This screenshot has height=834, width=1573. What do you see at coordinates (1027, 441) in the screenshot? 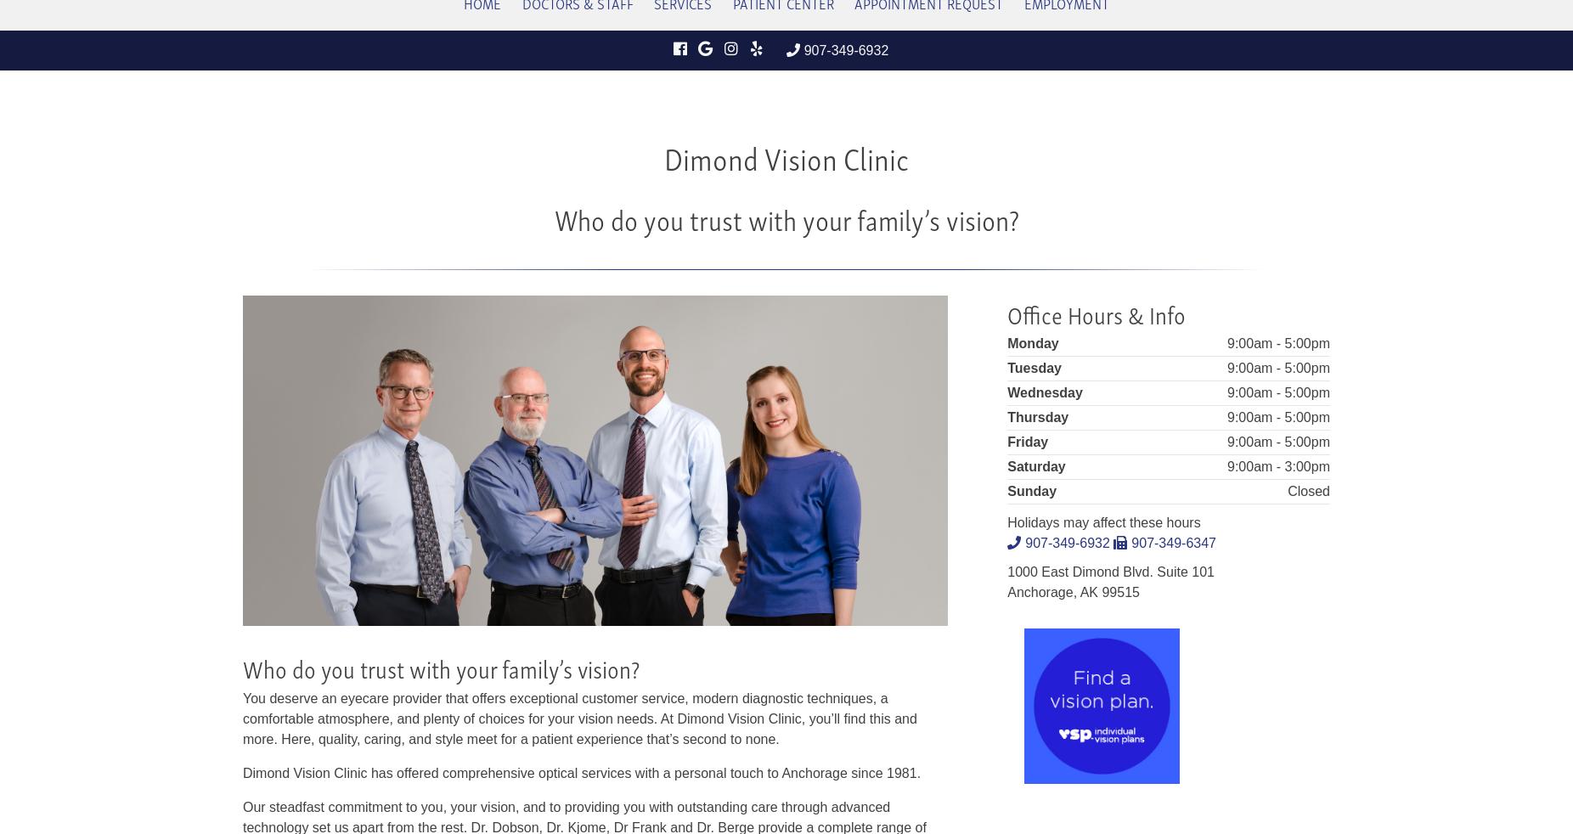
I see `'Friday'` at bounding box center [1027, 441].